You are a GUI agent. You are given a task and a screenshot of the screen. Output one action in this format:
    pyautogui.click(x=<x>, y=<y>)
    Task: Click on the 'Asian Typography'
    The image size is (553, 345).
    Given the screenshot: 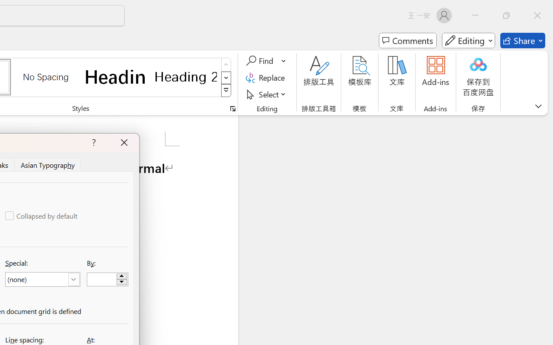 What is the action you would take?
    pyautogui.click(x=48, y=164)
    